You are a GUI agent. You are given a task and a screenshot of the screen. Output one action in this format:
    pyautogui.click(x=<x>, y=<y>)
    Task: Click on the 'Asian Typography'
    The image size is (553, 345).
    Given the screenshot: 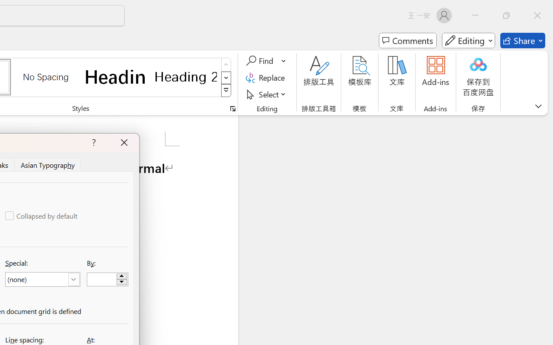 What is the action you would take?
    pyautogui.click(x=48, y=164)
    